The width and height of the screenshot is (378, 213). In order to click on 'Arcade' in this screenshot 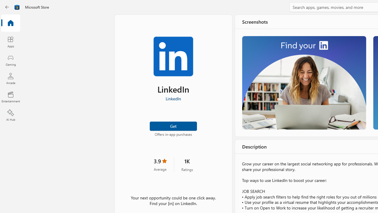, I will do `click(10, 78)`.